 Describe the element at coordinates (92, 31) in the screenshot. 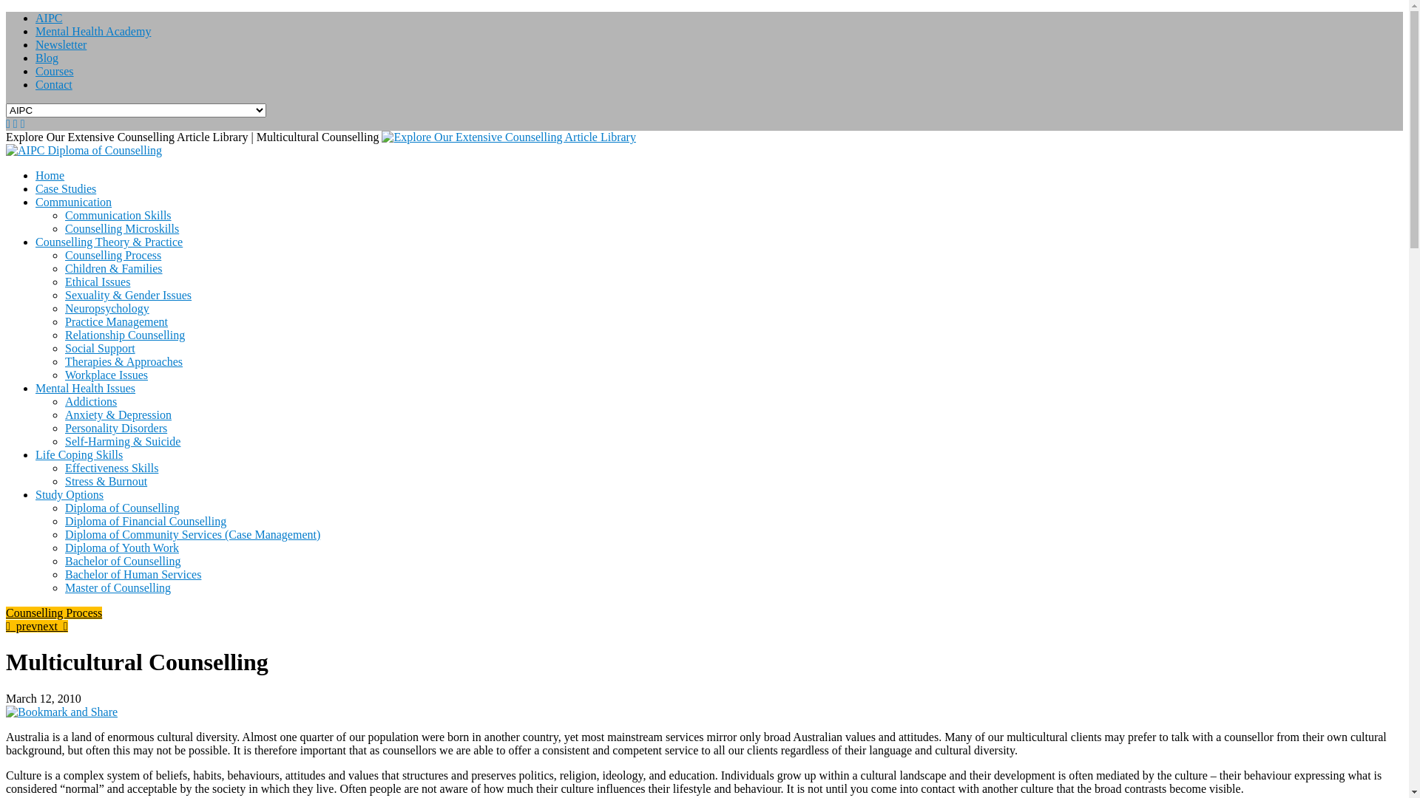

I see `'Mental Health Academy'` at that location.